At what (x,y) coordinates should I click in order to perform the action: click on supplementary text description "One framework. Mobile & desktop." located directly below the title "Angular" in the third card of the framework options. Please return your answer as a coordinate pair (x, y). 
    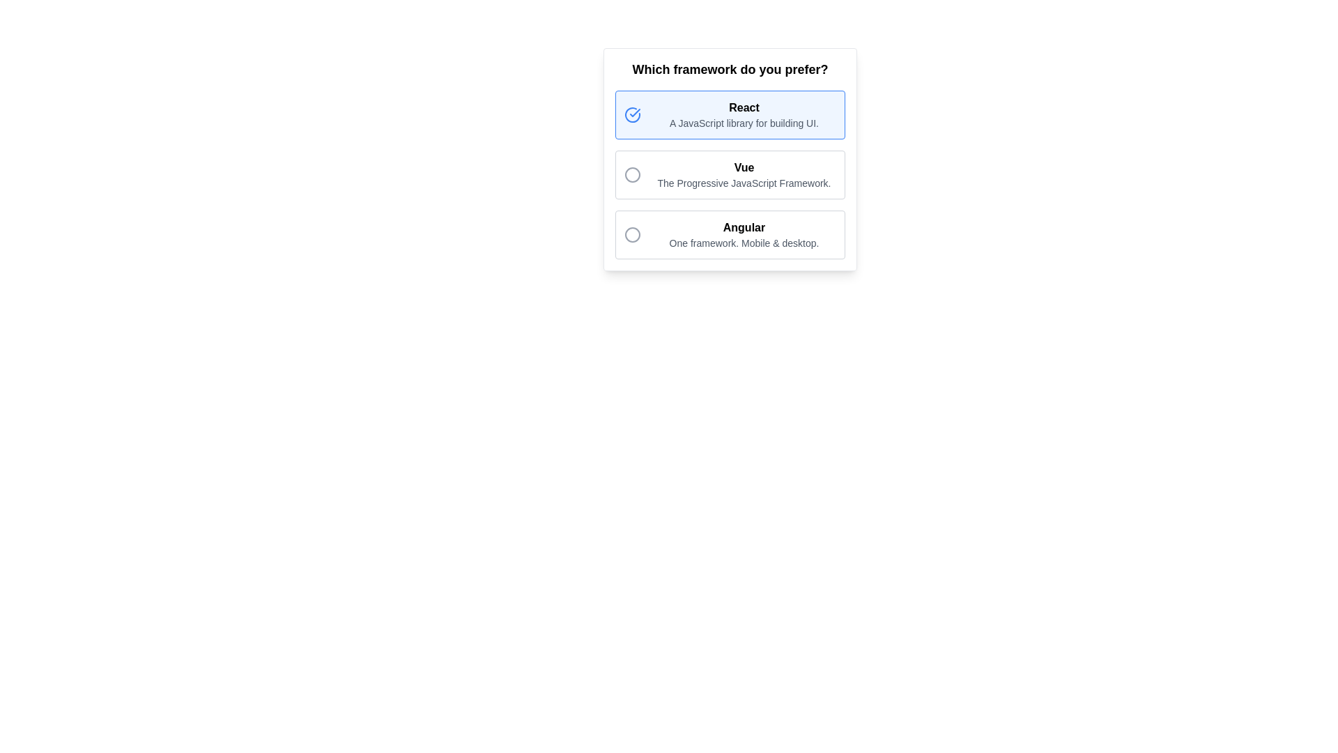
    Looking at the image, I should click on (744, 242).